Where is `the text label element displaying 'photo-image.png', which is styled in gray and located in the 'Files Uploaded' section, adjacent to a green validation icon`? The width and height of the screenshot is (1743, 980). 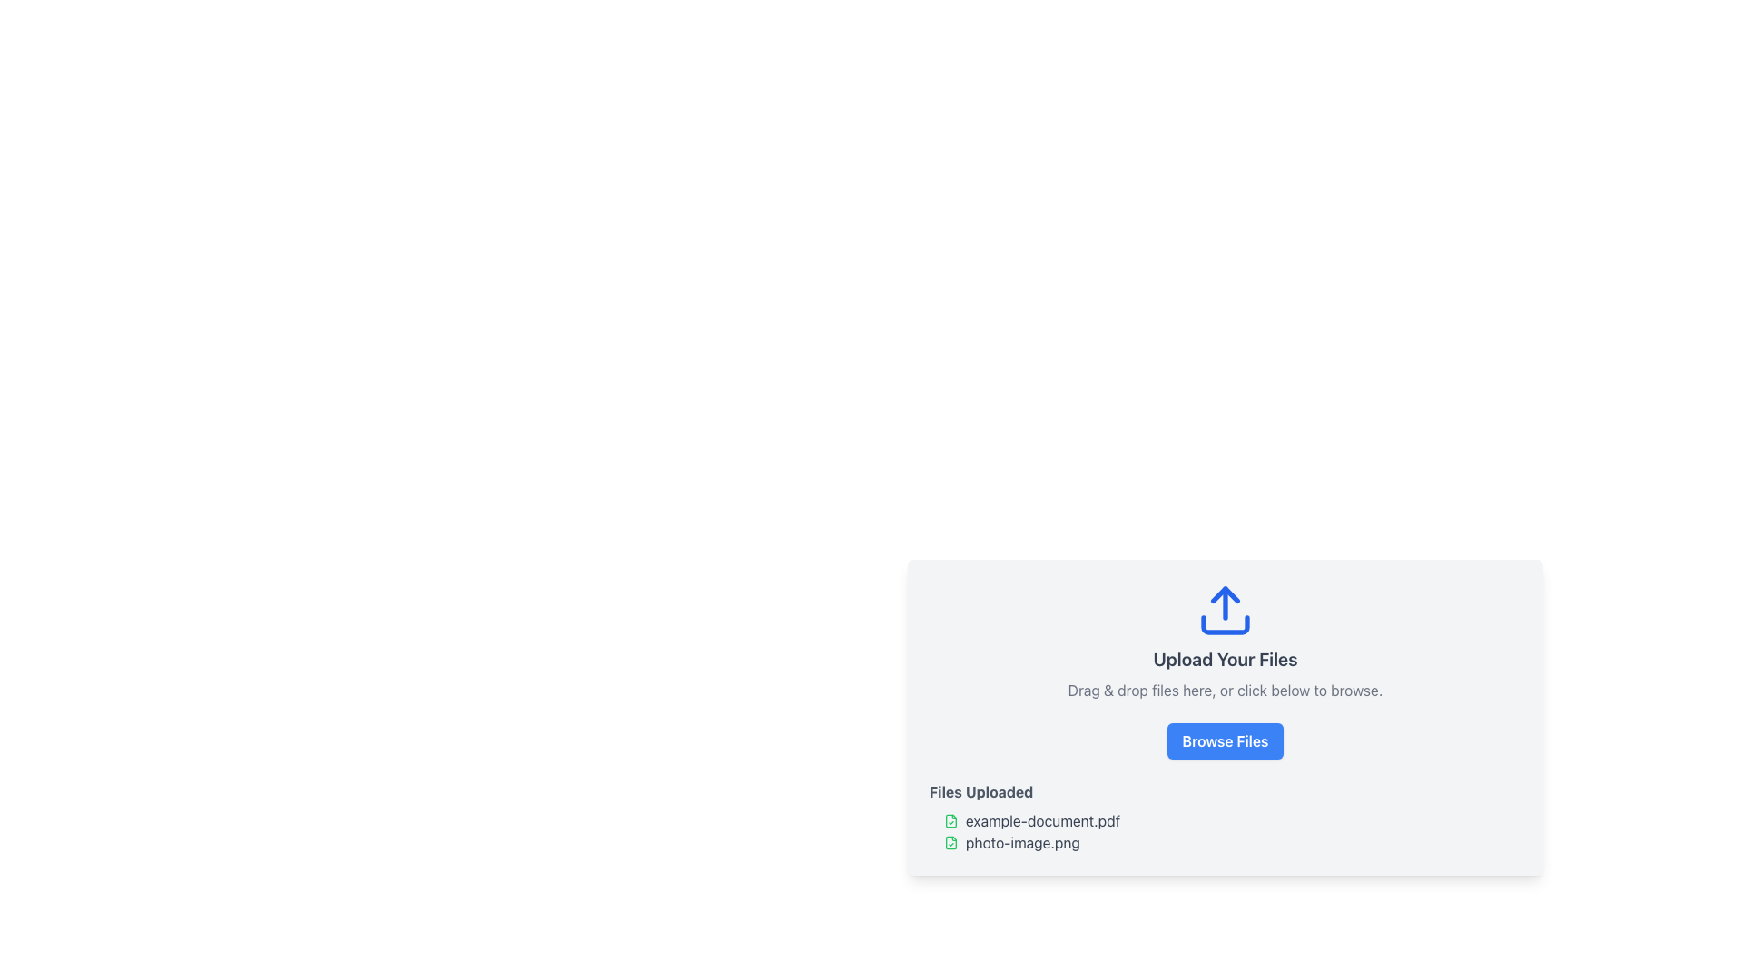
the text label element displaying 'photo-image.png', which is styled in gray and located in the 'Files Uploaded' section, adjacent to a green validation icon is located at coordinates (1022, 843).